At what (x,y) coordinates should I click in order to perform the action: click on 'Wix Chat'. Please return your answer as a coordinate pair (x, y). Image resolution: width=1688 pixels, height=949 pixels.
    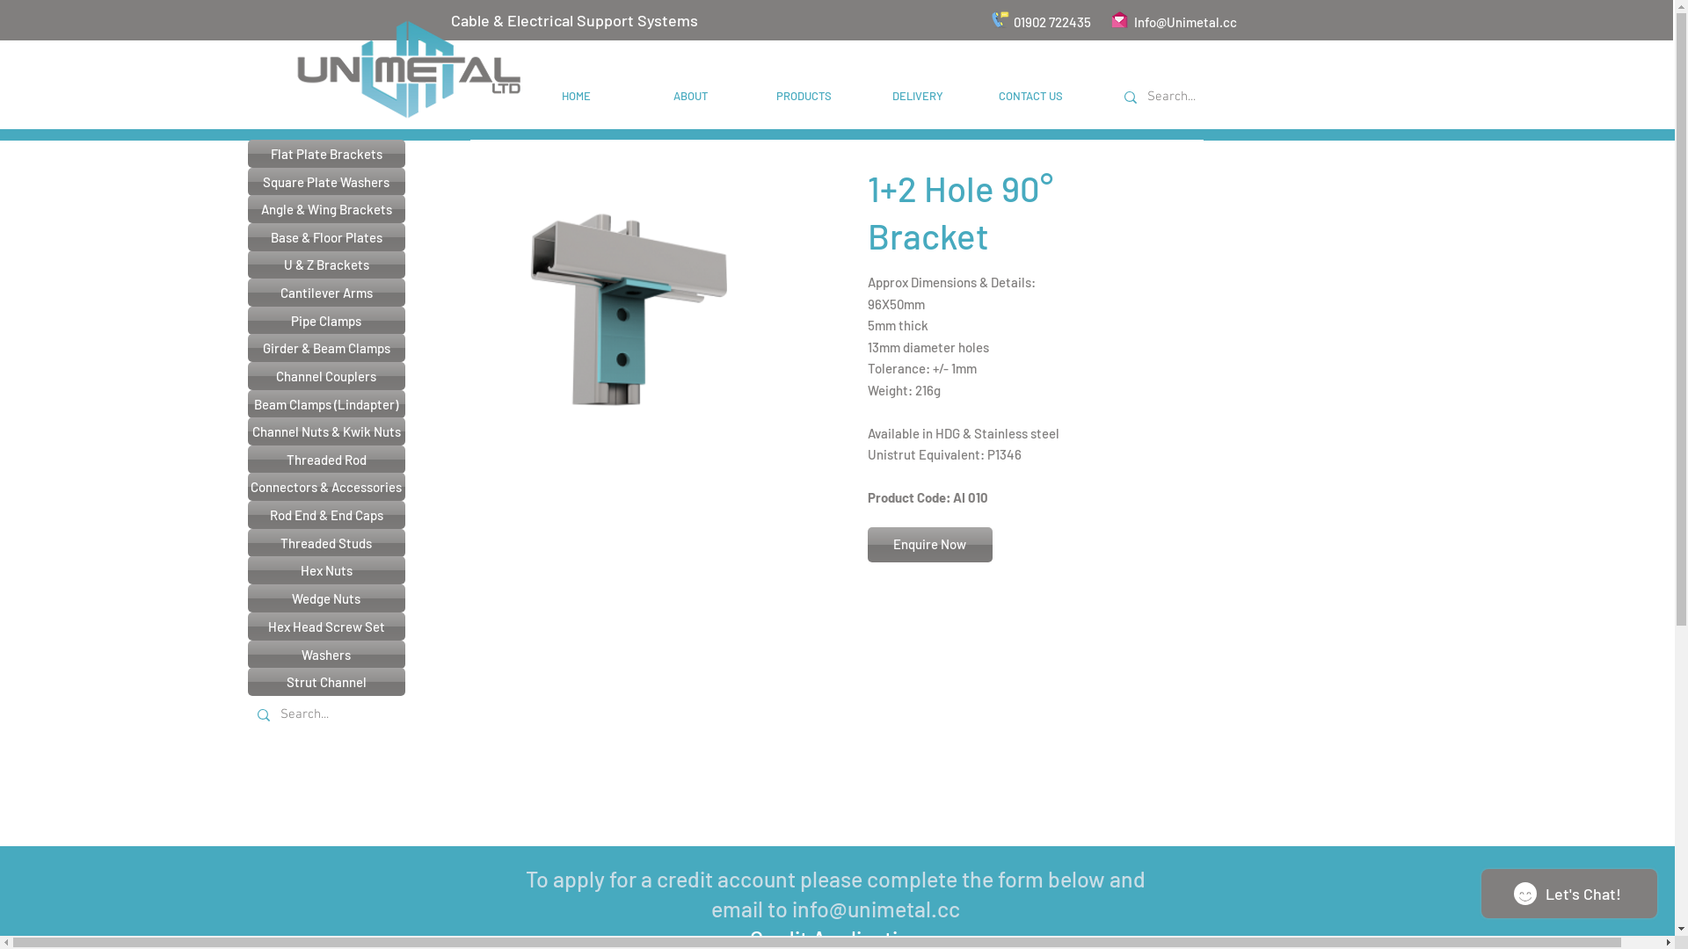
    Looking at the image, I should click on (1574, 898).